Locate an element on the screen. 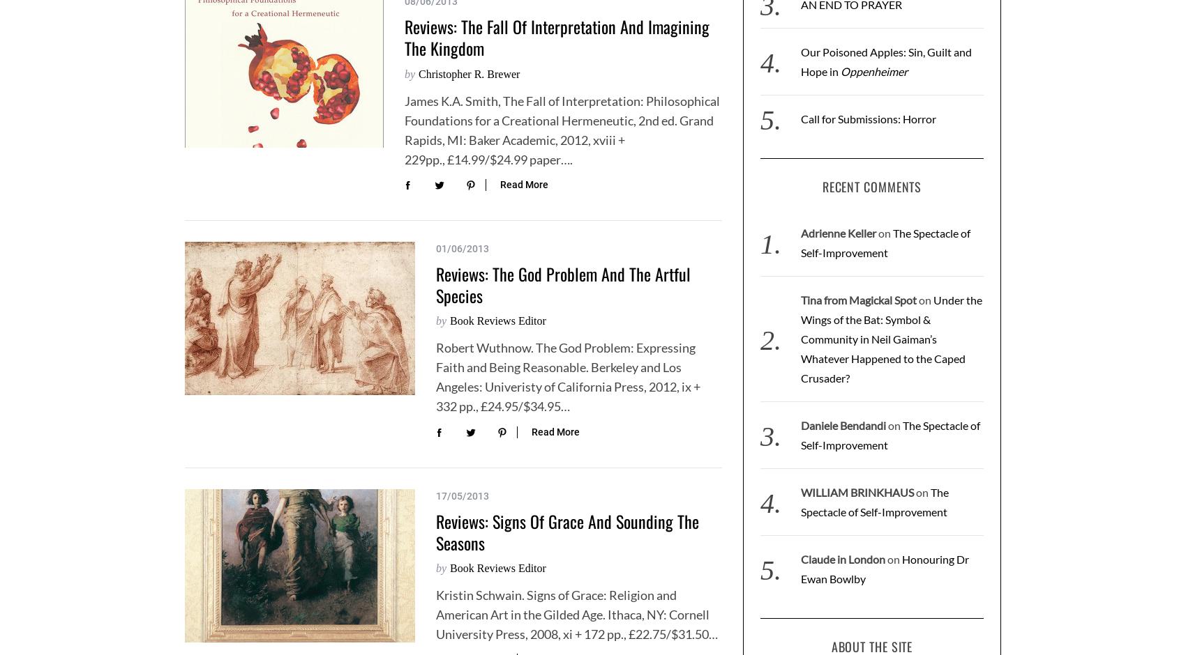  'Adrienne Keller' is located at coordinates (837, 233).